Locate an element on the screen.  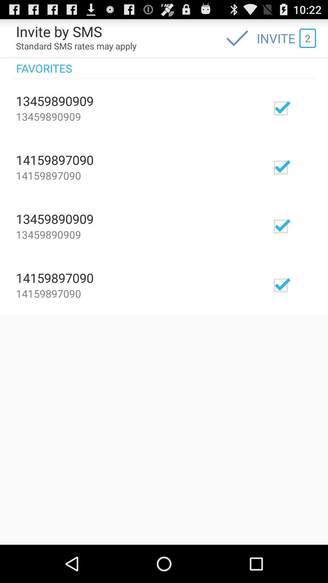
13459890909 is located at coordinates (298, 108).